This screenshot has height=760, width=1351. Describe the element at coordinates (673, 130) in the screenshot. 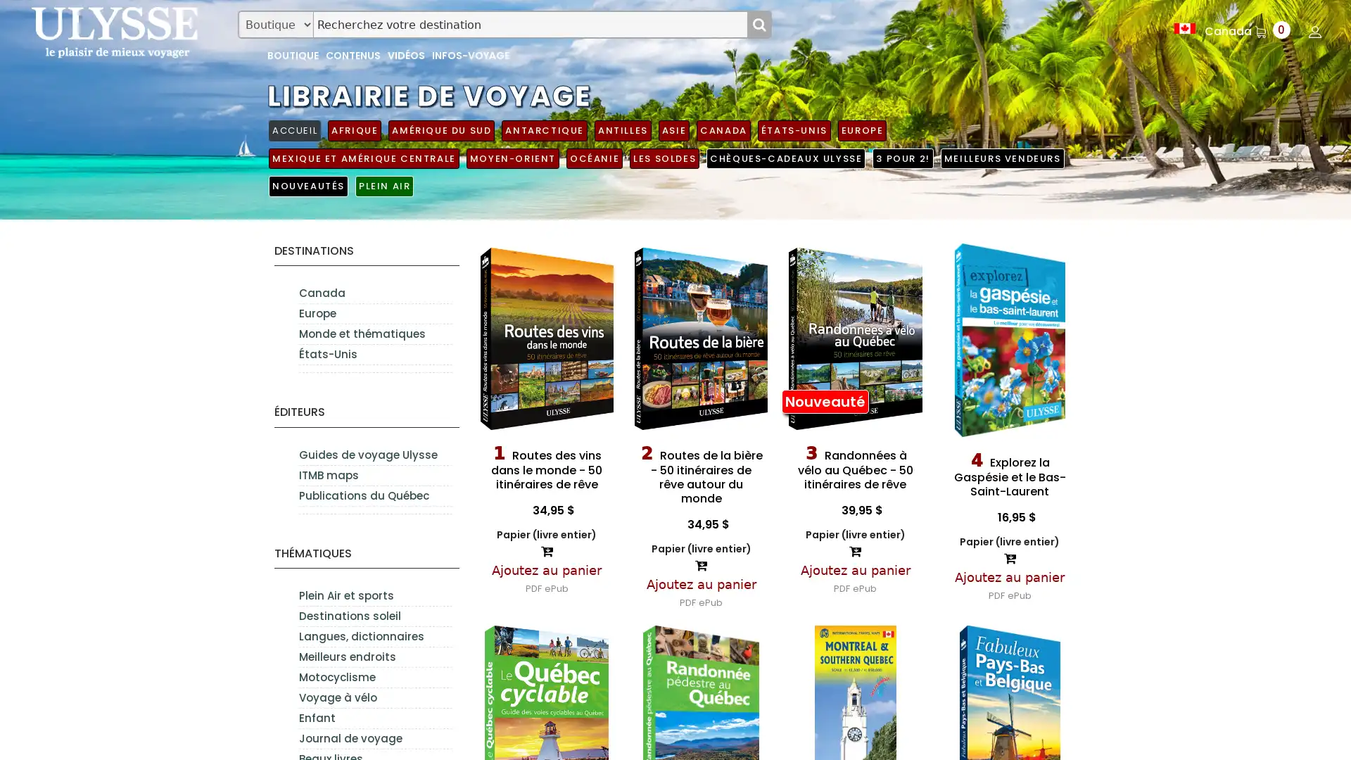

I see `ASIE` at that location.